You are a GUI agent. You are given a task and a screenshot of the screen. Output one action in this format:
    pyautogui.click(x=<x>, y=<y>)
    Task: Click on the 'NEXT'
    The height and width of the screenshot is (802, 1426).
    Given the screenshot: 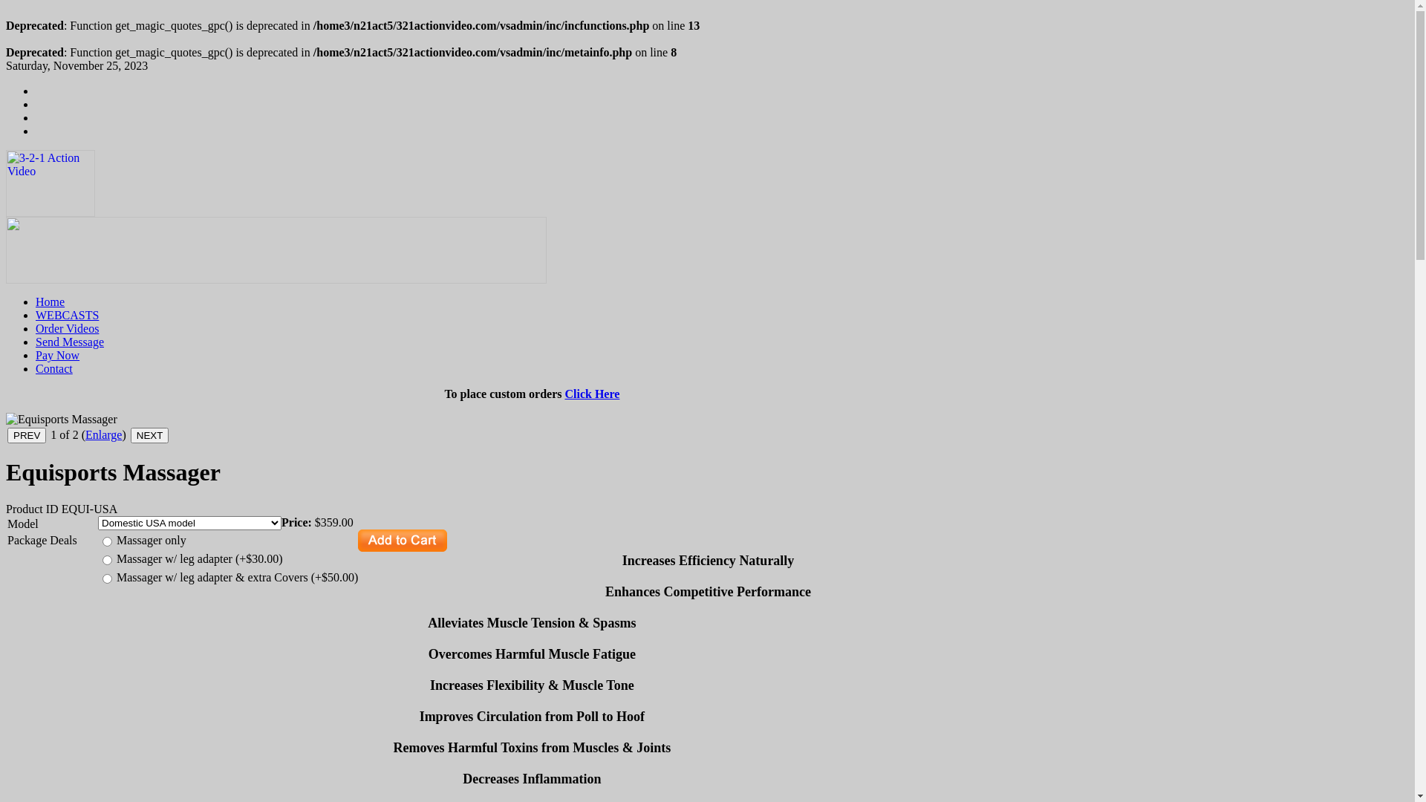 What is the action you would take?
    pyautogui.click(x=149, y=434)
    